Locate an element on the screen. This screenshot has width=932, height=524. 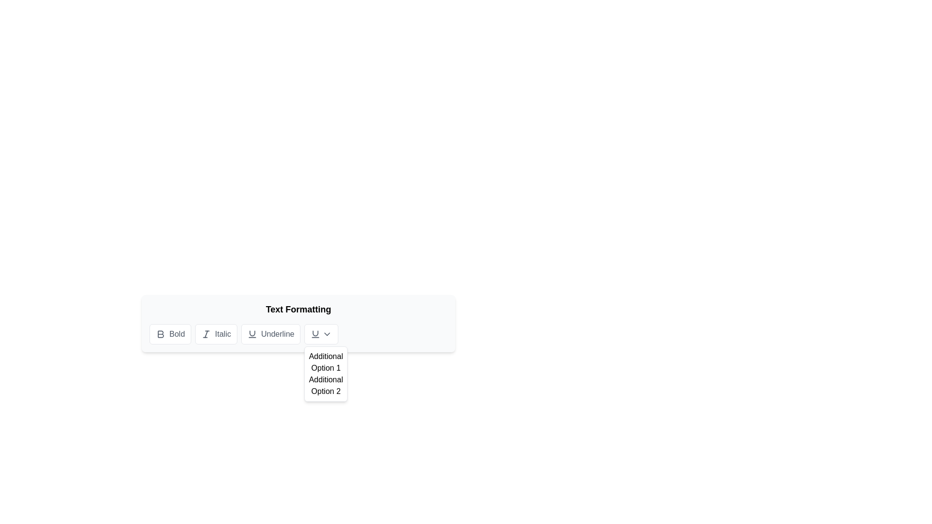
the 'Italic' icon button, which is represented by a bold and elongated italic 'I' is located at coordinates (206, 334).